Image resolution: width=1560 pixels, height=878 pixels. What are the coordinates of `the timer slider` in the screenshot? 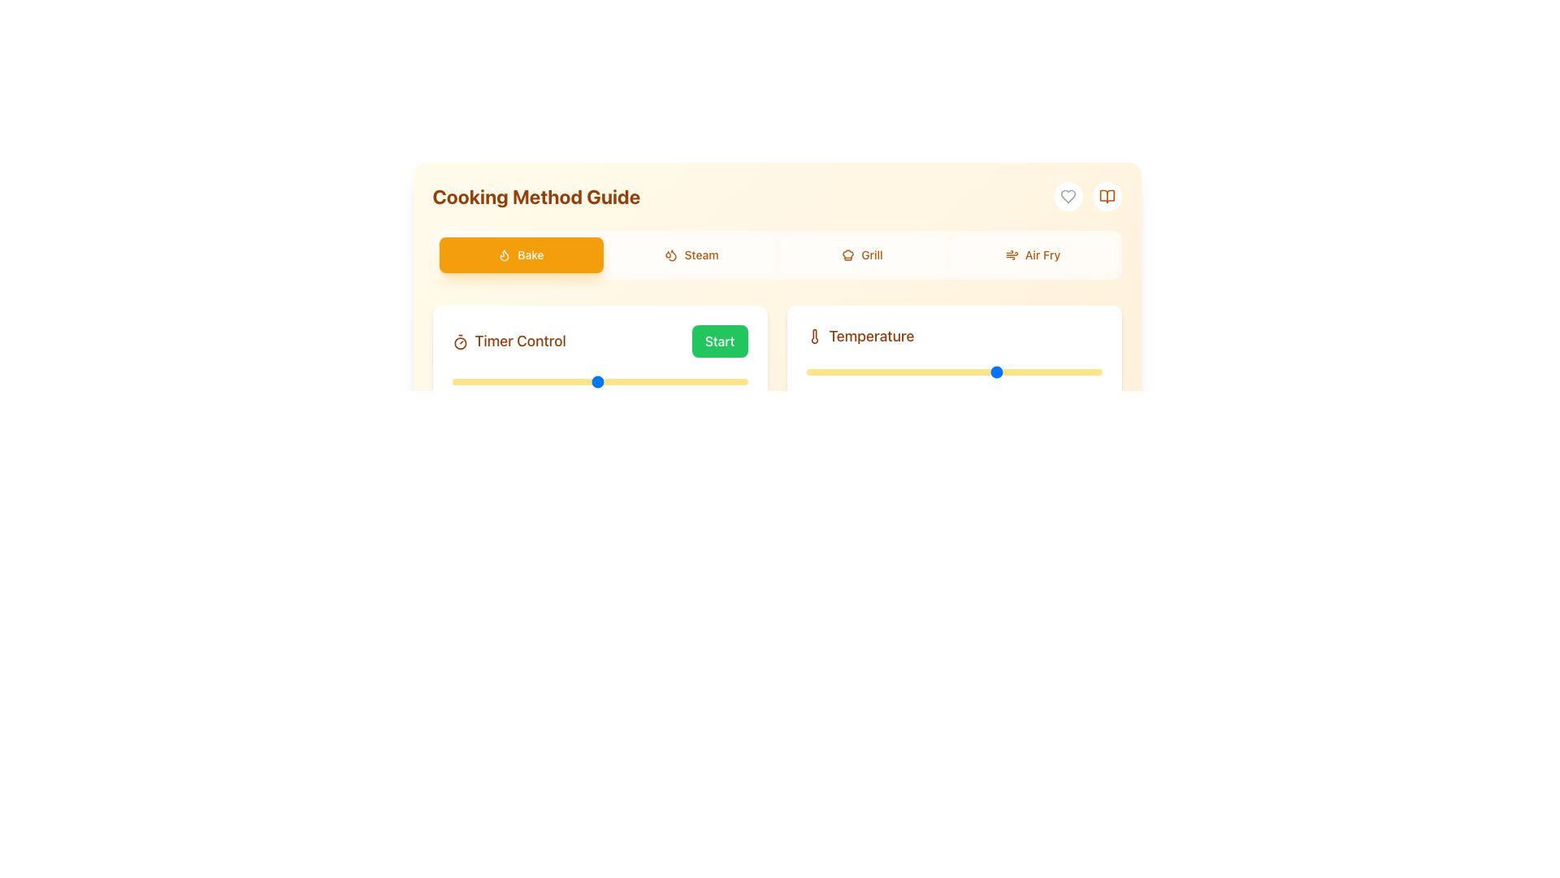 It's located at (456, 382).